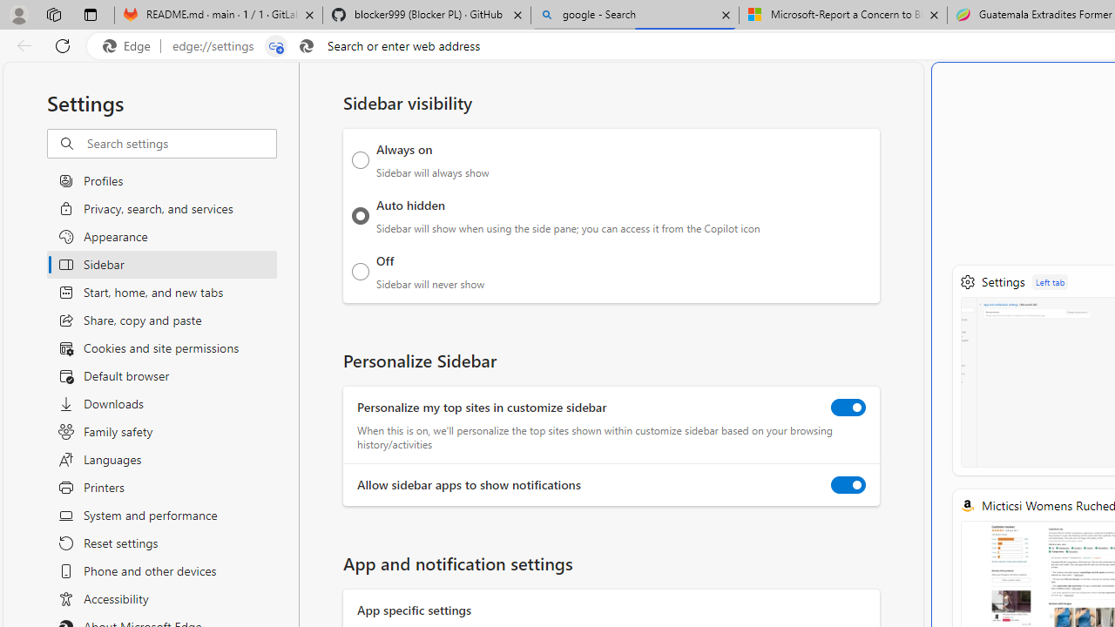 The height and width of the screenshot is (627, 1115). I want to click on 'Off Sidebar will never show', so click(360, 271).